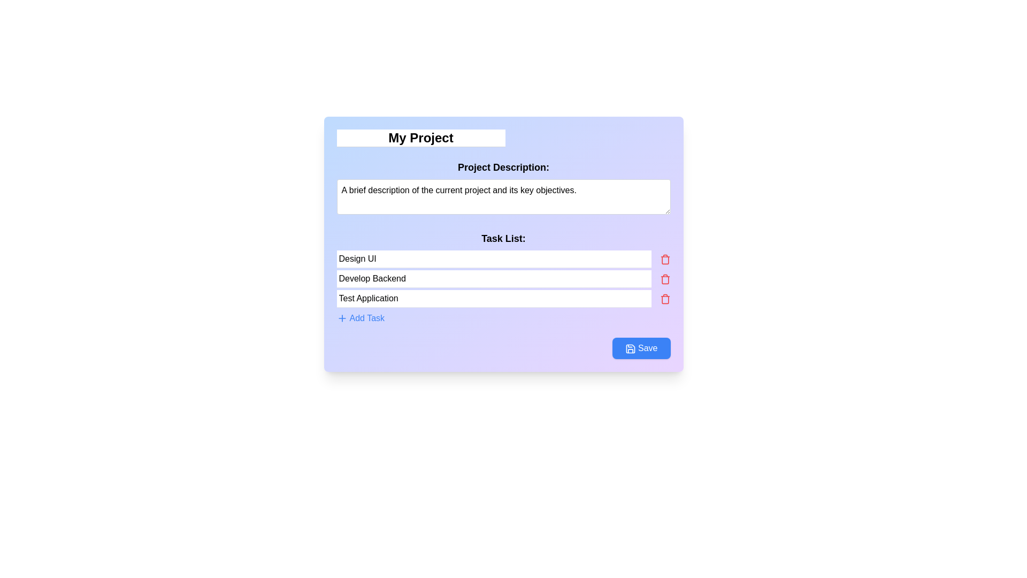 The width and height of the screenshot is (1027, 578). What do you see at coordinates (664, 259) in the screenshot?
I see `the first red icon on the right-hand side of the 'Design UI' text field in the 'Task List' section` at bounding box center [664, 259].